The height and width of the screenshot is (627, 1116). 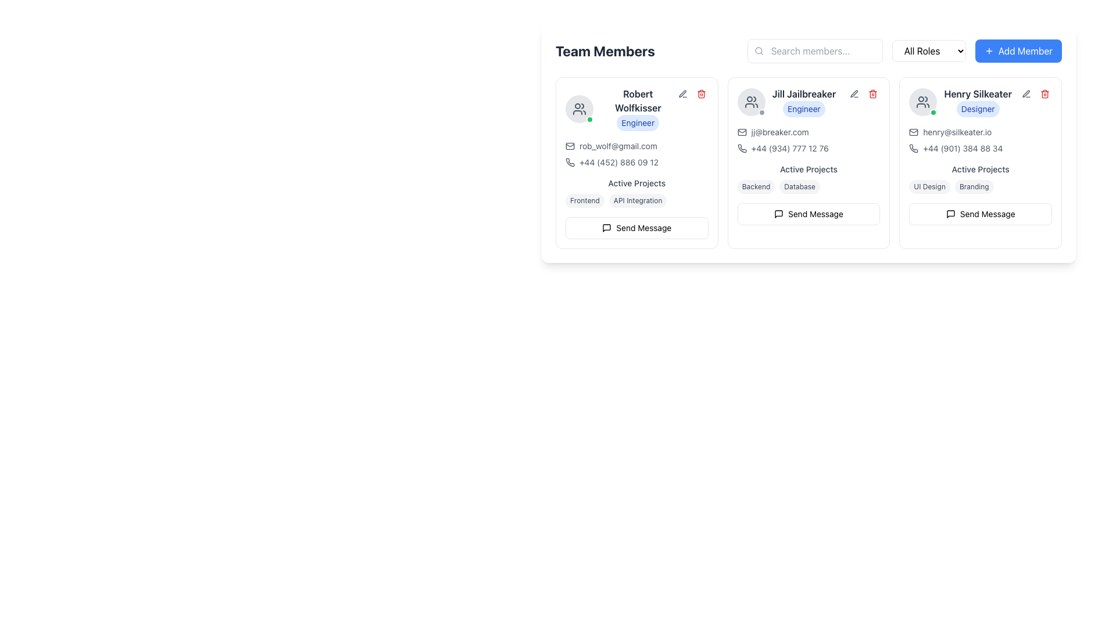 I want to click on the magnifying-glass-shaped icon with a gray outline located to the left inside the 'Search members...' text input field, so click(x=759, y=51).